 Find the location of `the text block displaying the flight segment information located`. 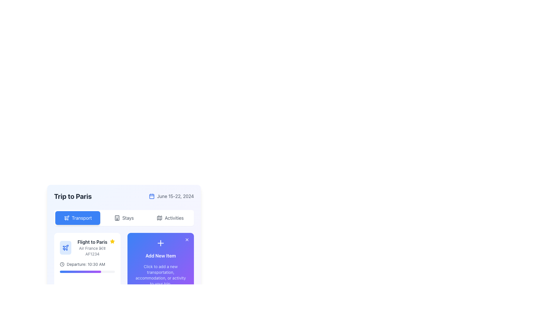

the text block displaying the flight segment information located is located at coordinates (87, 247).